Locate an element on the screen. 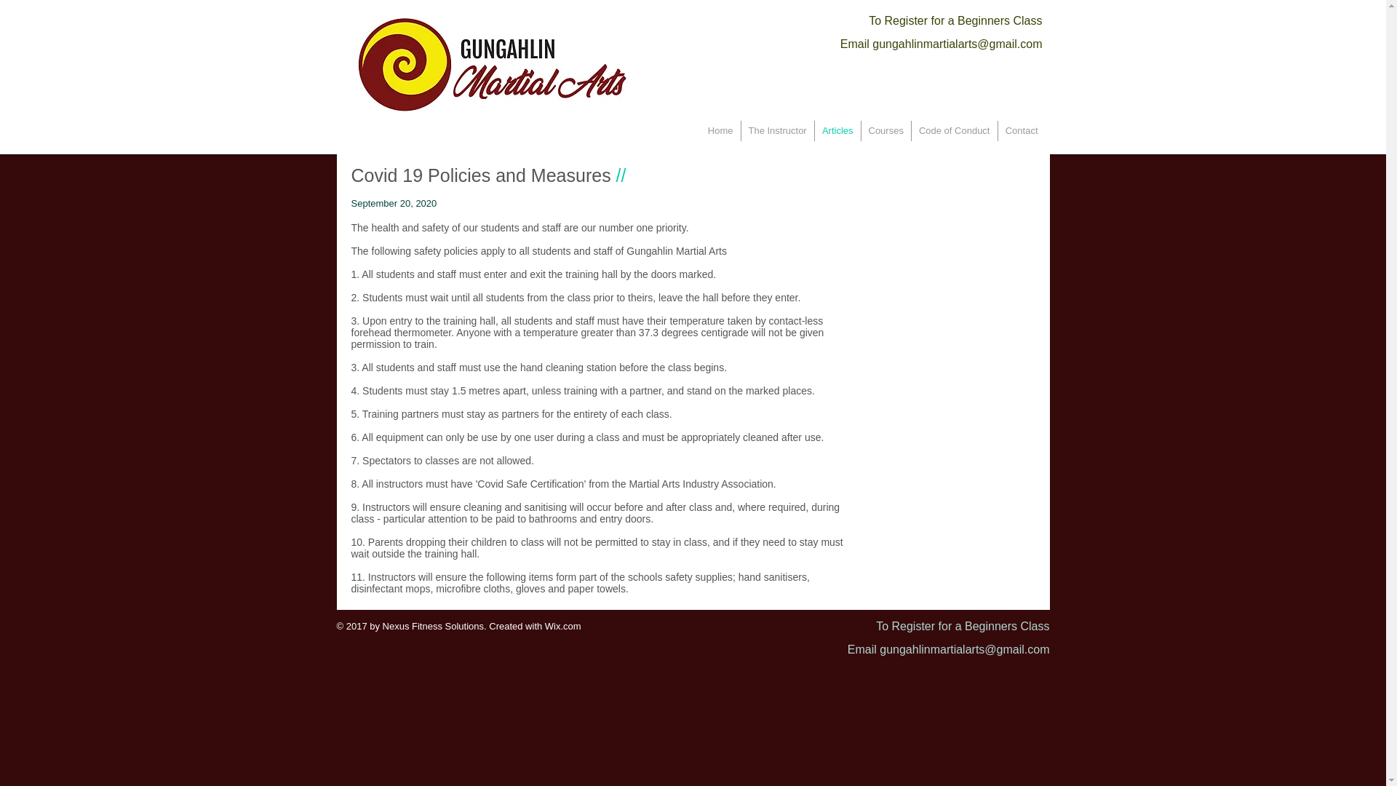  'Wix.com' is located at coordinates (562, 625).